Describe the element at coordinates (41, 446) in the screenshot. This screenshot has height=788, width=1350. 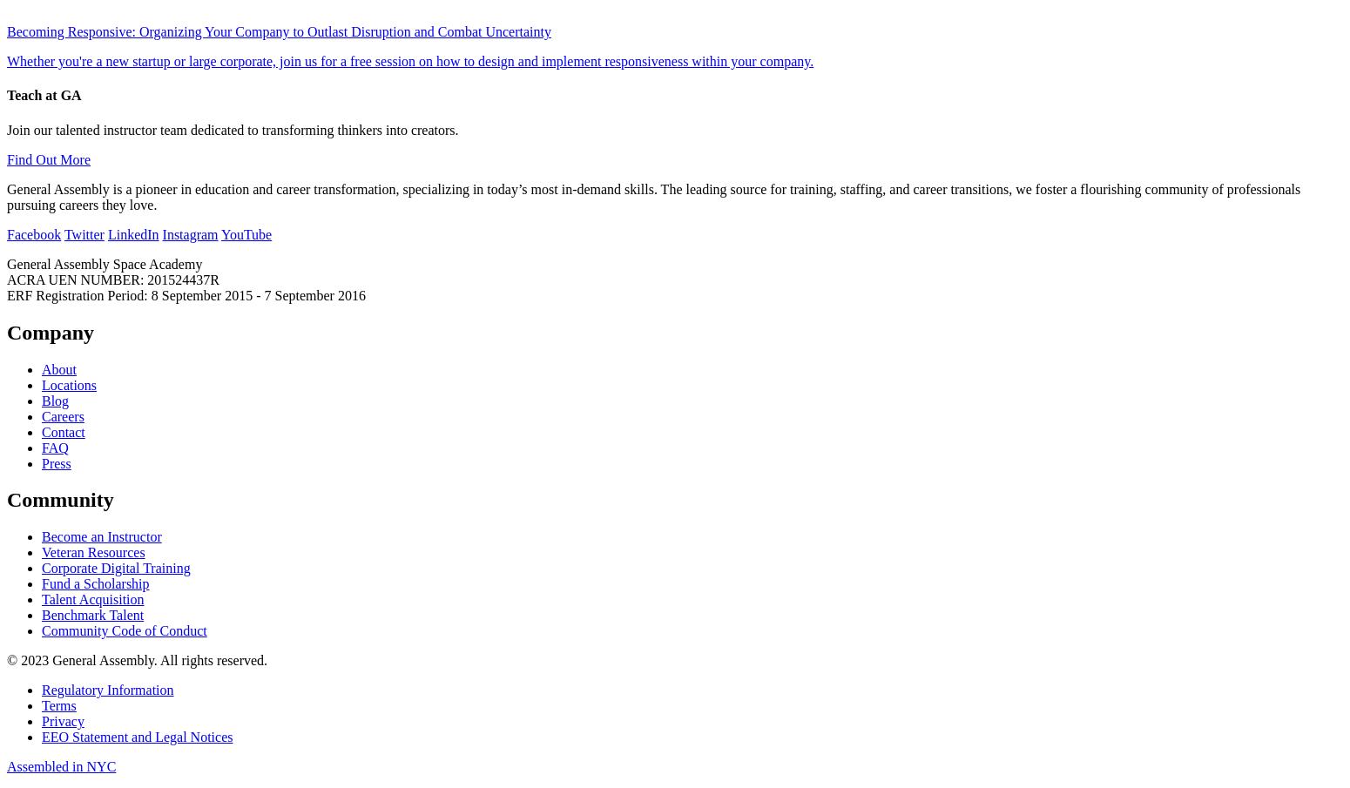
I see `'FAQ'` at that location.